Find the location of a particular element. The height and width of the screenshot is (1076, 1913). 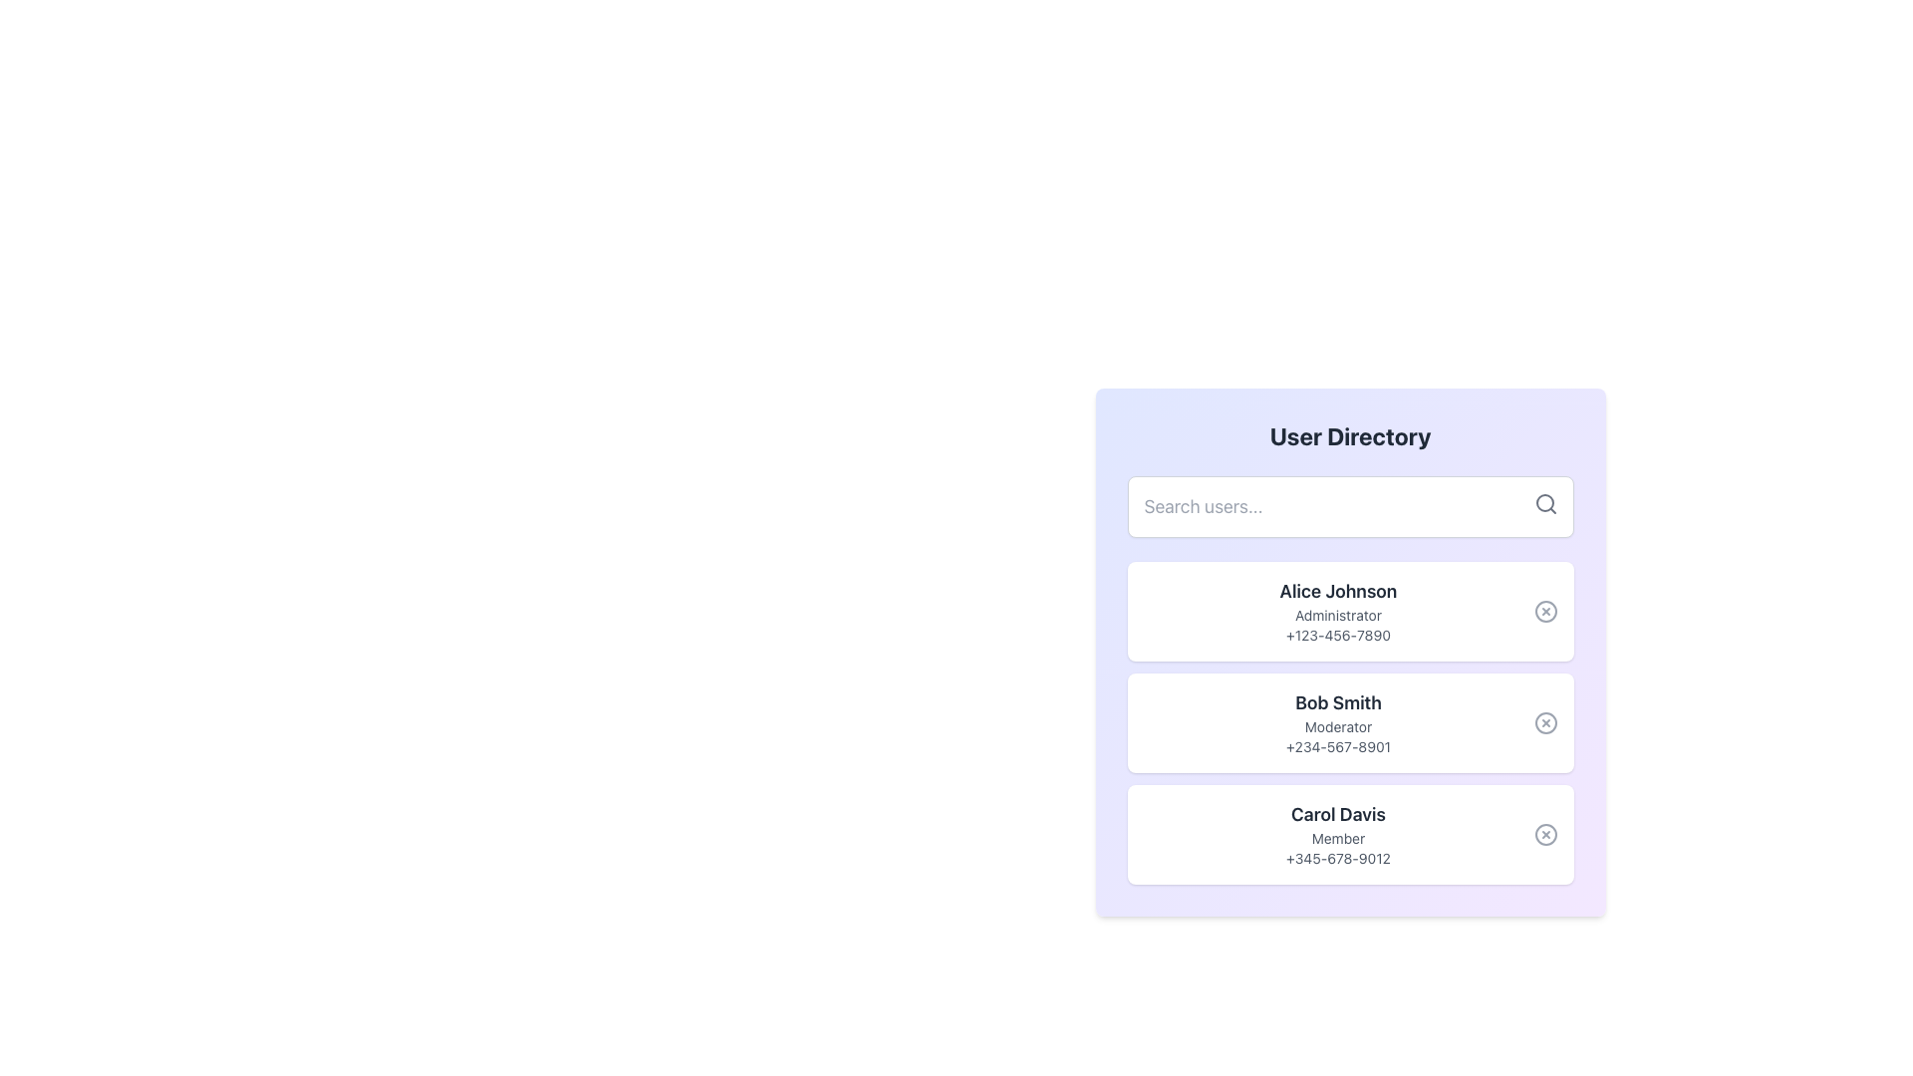

the 'Administrator' label located below 'Alice Johnson' and above '+123-456-7890' in the first user card of the 'User Directory' is located at coordinates (1338, 614).